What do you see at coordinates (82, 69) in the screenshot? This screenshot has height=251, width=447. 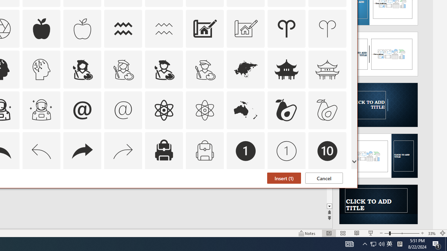 I see `'AutomationID: Icons_ArtistFemale'` at bounding box center [82, 69].